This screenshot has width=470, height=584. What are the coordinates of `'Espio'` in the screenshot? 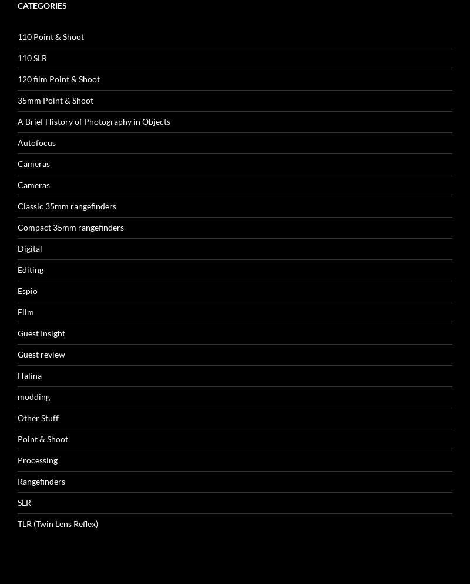 It's located at (26, 125).